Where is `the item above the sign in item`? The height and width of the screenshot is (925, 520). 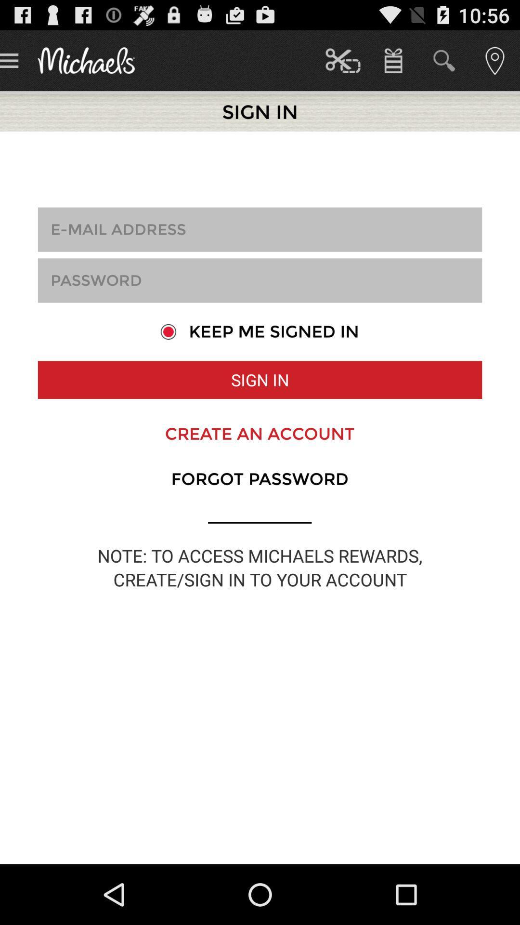
the item above the sign in item is located at coordinates (259, 331).